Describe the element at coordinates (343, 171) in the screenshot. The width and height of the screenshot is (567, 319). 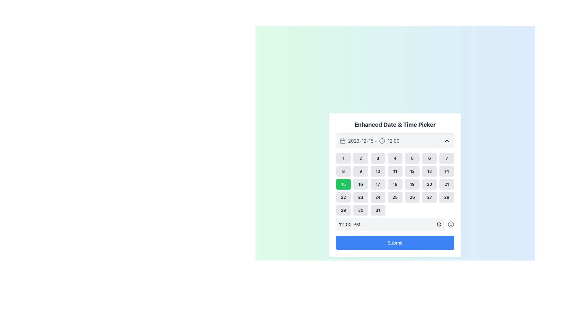
I see `the button labeled '8' in the date-picker interface` at that location.